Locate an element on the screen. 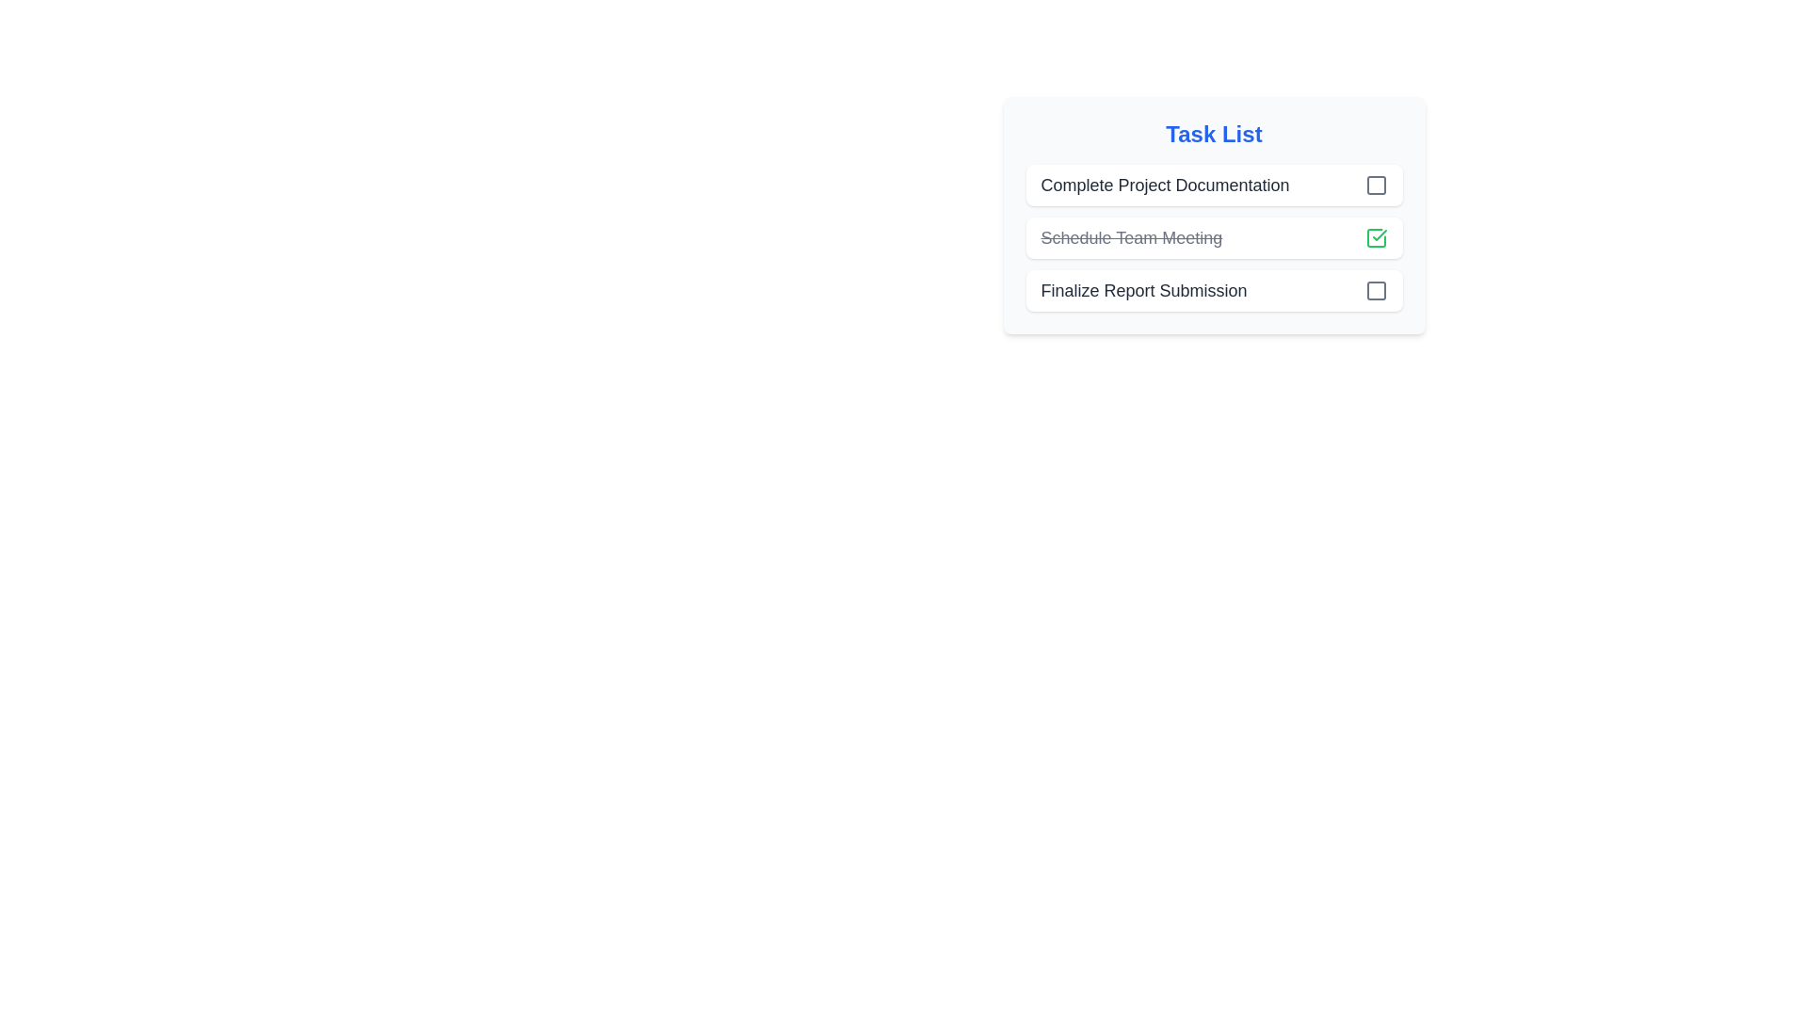 This screenshot has height=1017, width=1808. the decorative or status-indicating icon component located to the right of the task titled 'Complete Project Documentation' in the vertical task list is located at coordinates (1376, 185).